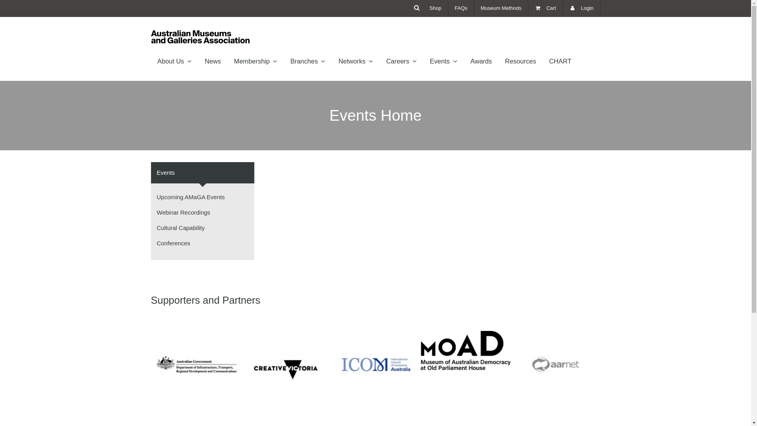 The image size is (757, 426). What do you see at coordinates (173, 243) in the screenshot?
I see `'Conferences'` at bounding box center [173, 243].